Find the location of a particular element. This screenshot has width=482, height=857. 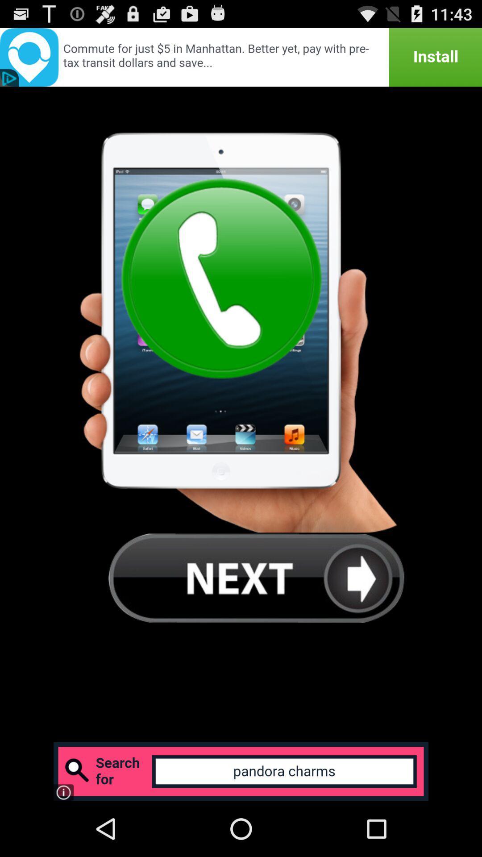

advertisement is located at coordinates (241, 771).